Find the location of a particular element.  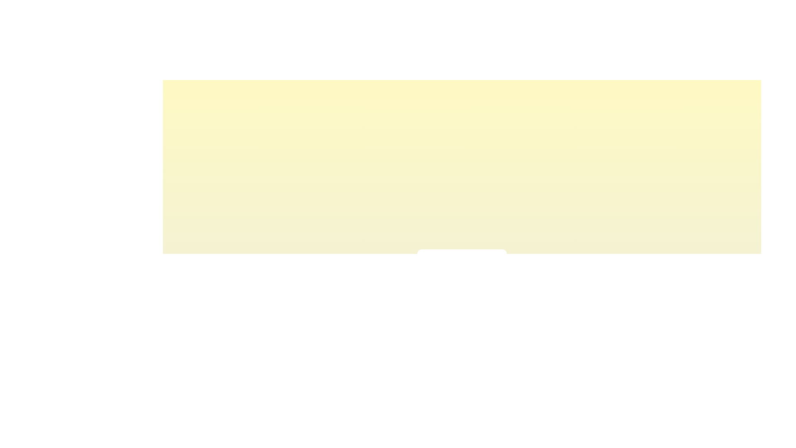

the light intensity slider to 80% to observe the corresponding visual feedback color is located at coordinates (483, 280).